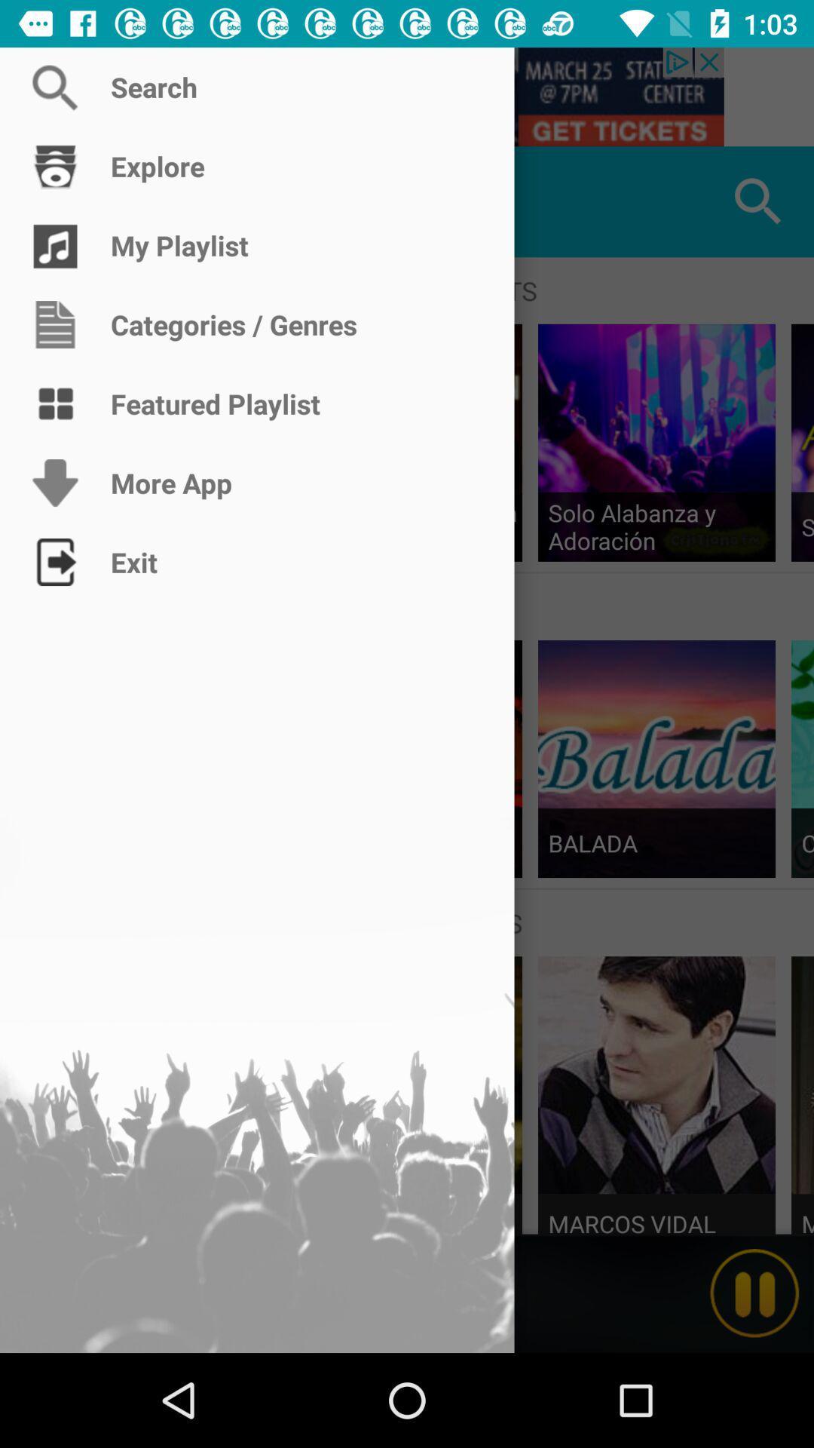 Image resolution: width=814 pixels, height=1448 pixels. Describe the element at coordinates (407, 96) in the screenshot. I see `search option` at that location.